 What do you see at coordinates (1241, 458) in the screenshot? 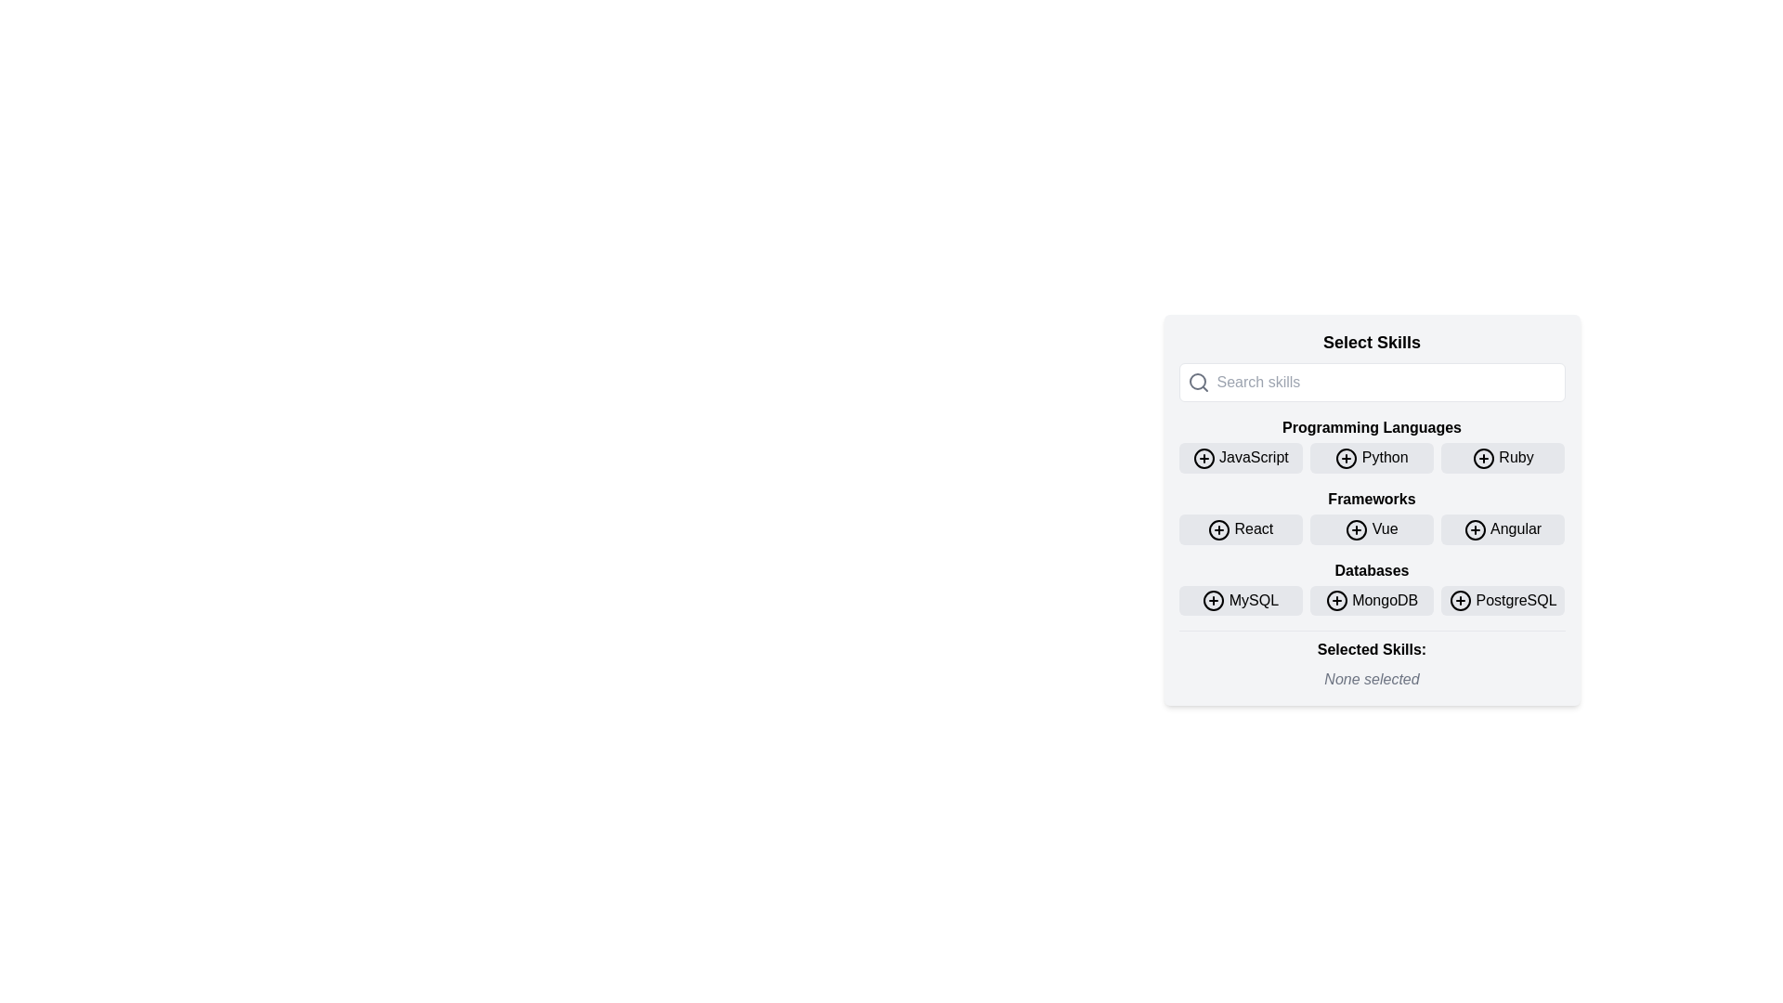
I see `the 'JavaScript' button in the 'Select Skills' panel` at bounding box center [1241, 458].